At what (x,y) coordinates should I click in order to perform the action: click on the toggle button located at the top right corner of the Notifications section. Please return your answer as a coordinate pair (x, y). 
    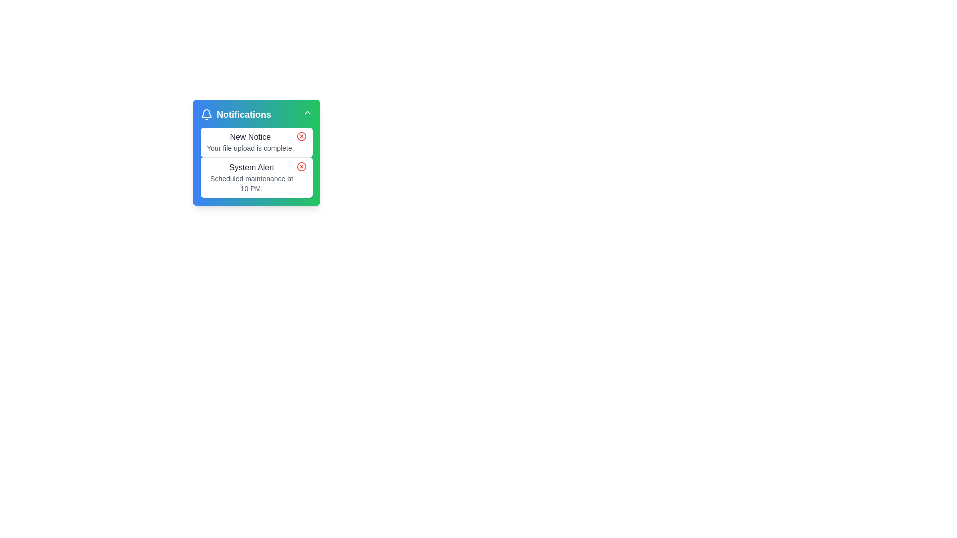
    Looking at the image, I should click on (307, 112).